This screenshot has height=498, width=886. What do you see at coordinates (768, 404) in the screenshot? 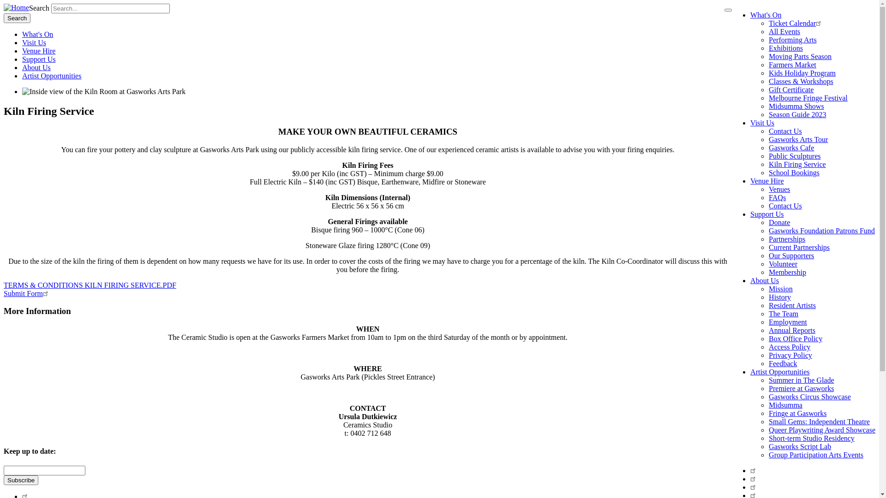
I see `'Midsumma'` at bounding box center [768, 404].